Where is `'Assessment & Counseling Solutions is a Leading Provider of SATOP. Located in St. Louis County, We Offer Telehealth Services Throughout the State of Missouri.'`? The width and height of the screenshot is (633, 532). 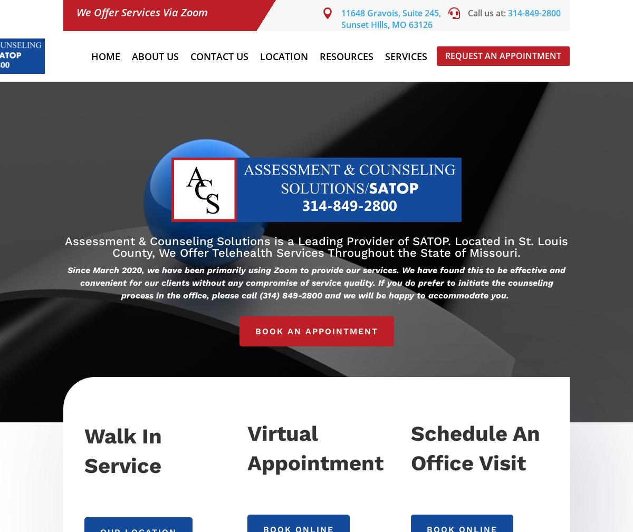 'Assessment & Counseling Solutions is a Leading Provider of SATOP. Located in St. Louis County, We Offer Telehealth Services Throughout the State of Missouri.' is located at coordinates (316, 246).